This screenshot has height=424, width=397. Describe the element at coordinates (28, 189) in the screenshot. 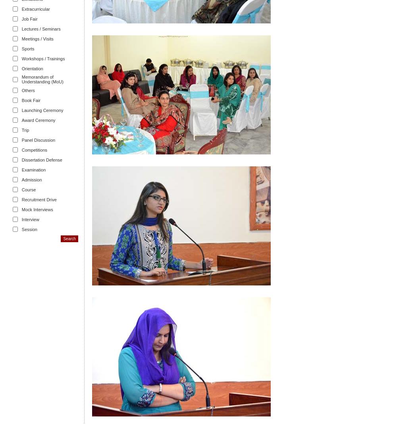

I see `'Course'` at that location.